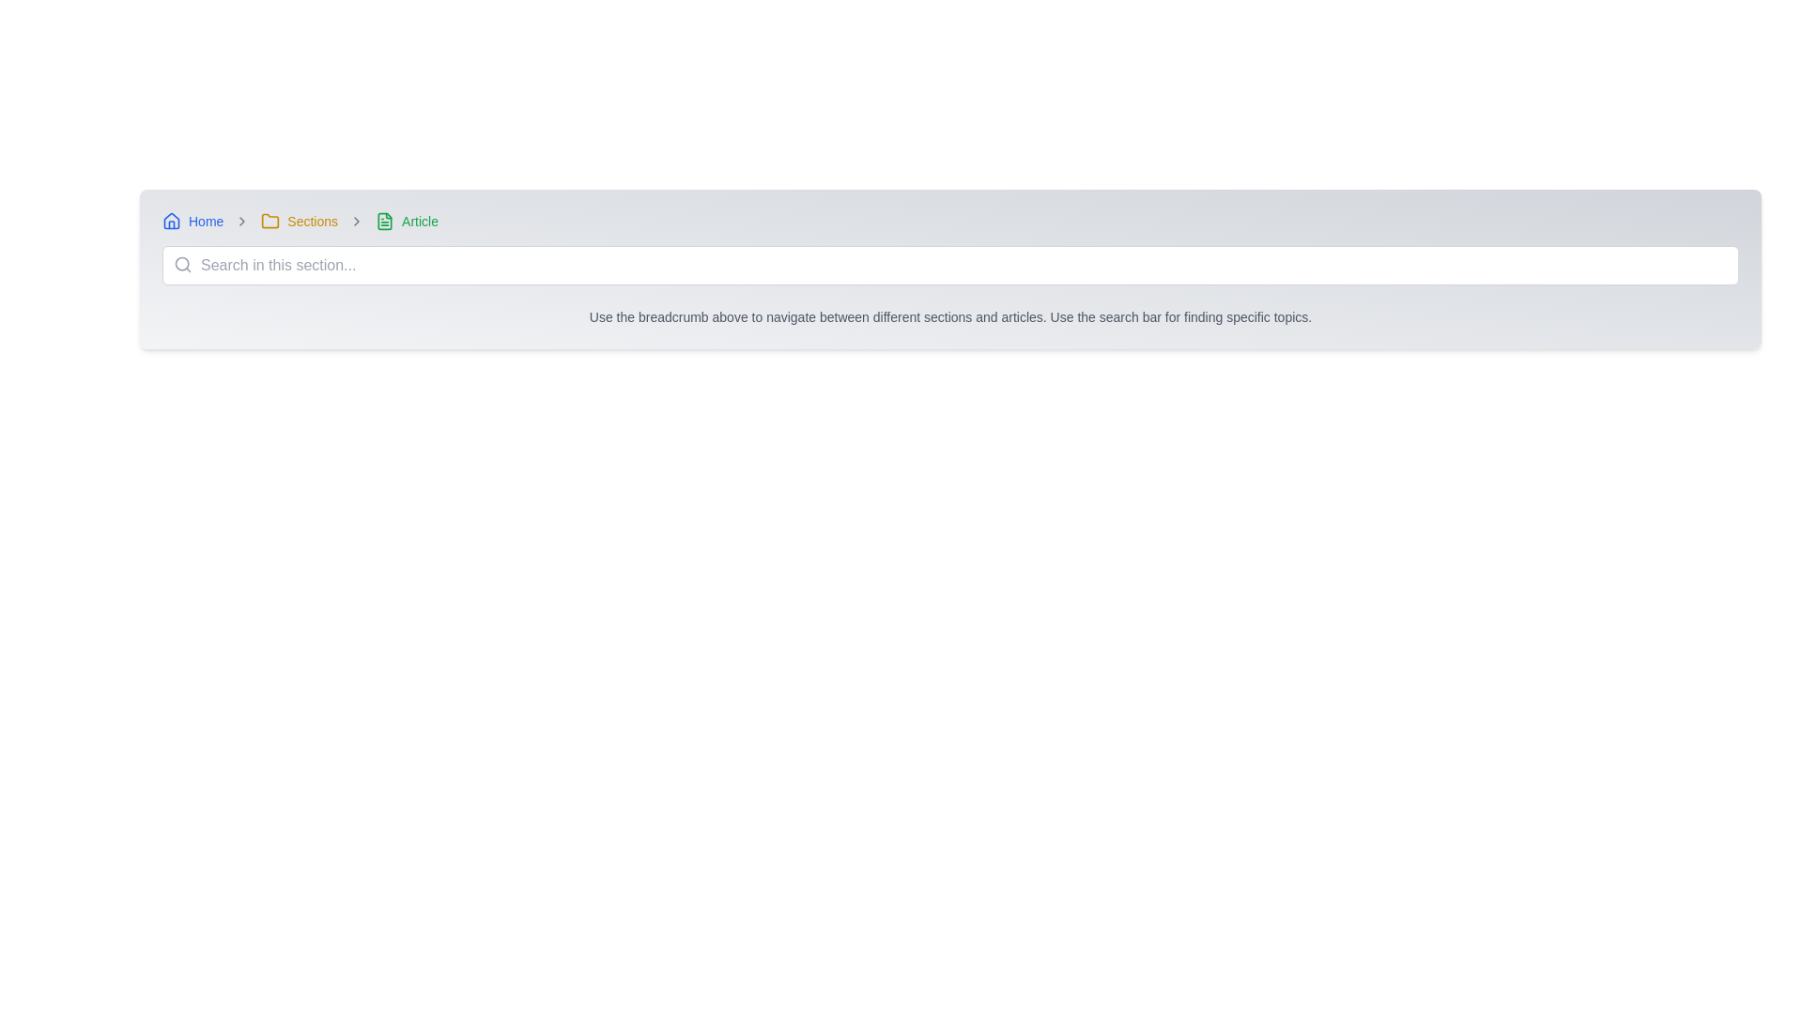 The image size is (1803, 1014). What do you see at coordinates (312, 220) in the screenshot?
I see `the 'Sections' clickable text link in the breadcrumb navigation bar` at bounding box center [312, 220].